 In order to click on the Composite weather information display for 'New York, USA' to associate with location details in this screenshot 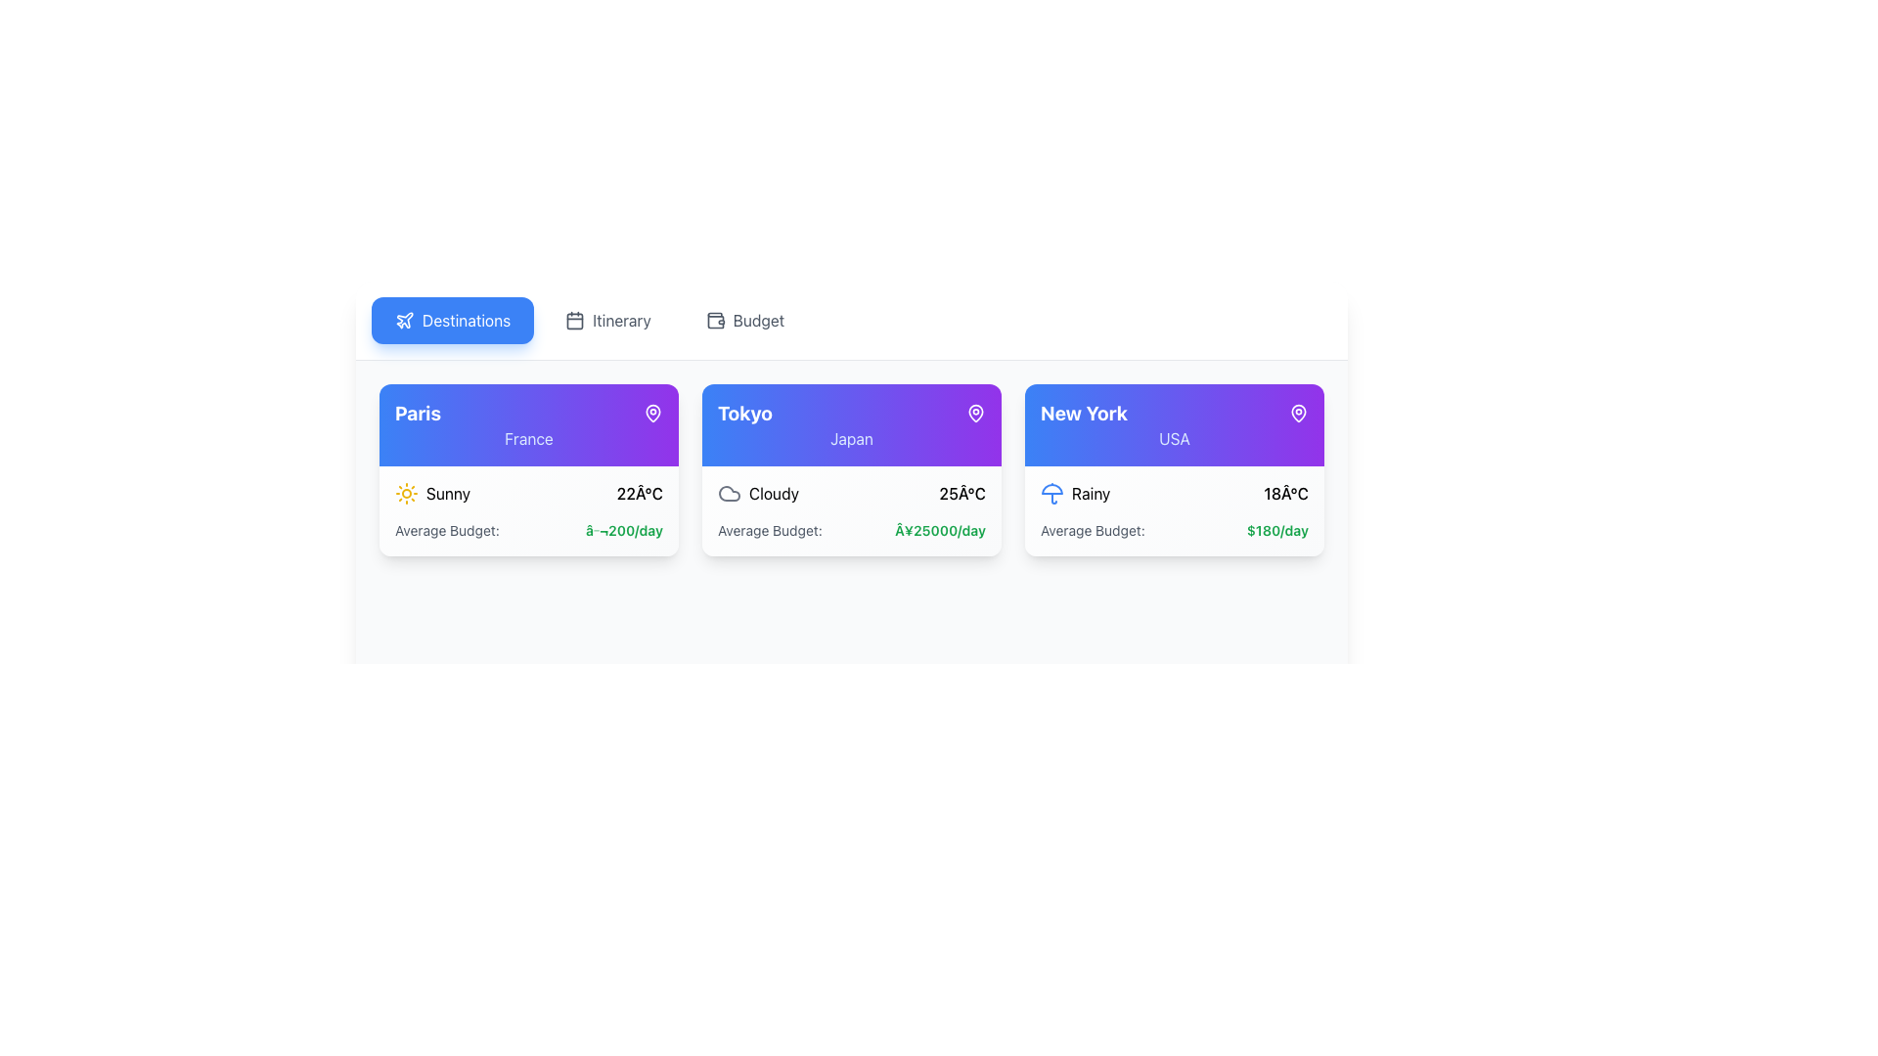, I will do `click(1174, 493)`.